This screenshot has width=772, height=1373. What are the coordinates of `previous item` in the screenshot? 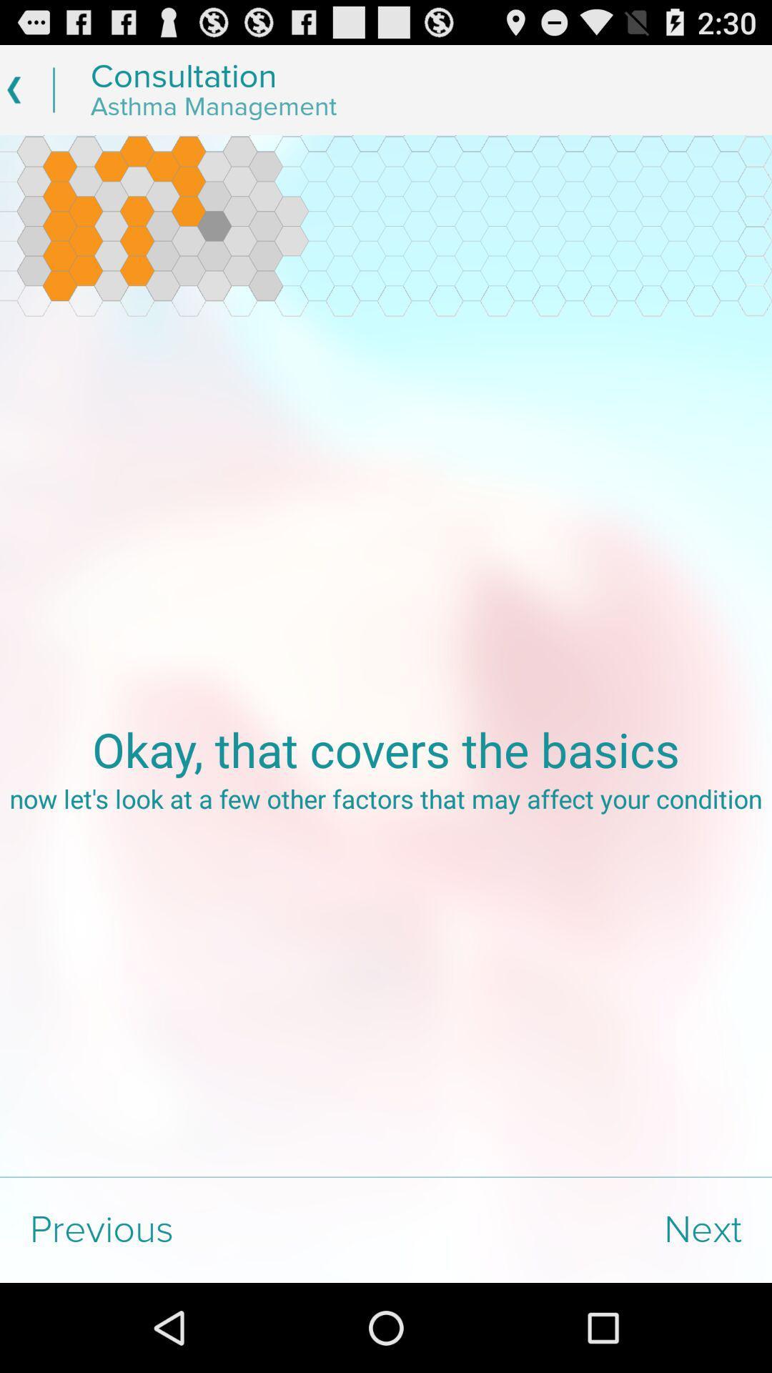 It's located at (193, 1229).